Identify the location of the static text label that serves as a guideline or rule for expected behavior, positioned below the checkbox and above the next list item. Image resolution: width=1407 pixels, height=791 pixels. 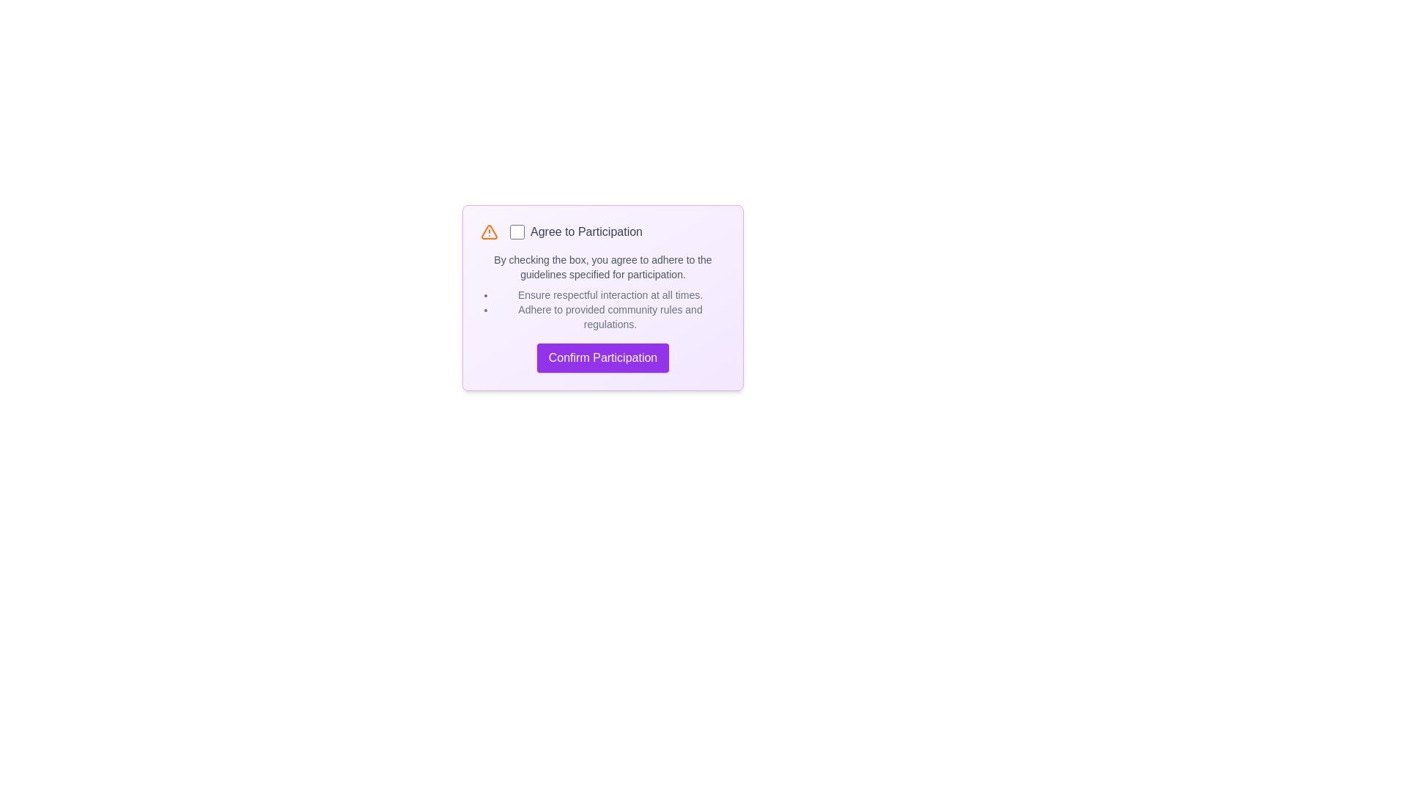
(610, 294).